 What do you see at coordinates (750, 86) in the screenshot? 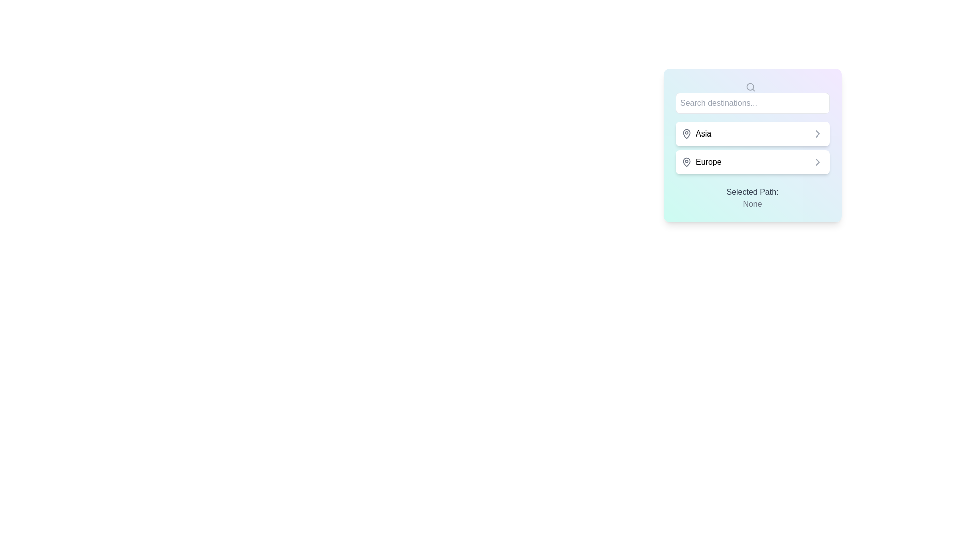
I see `the circular part of the search icon located next to the search text input field in the UI` at bounding box center [750, 86].